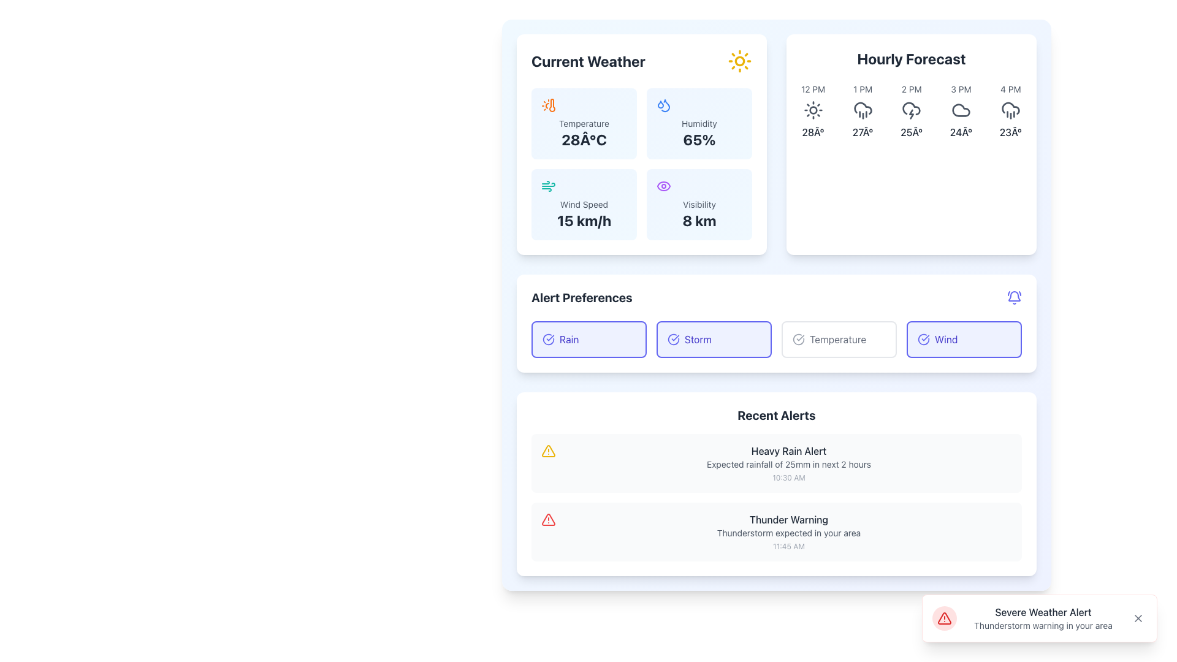 Image resolution: width=1177 pixels, height=662 pixels. I want to click on the static text display showing the temperature '28Â°' at 12 PM in the hourly forecast section, so click(813, 132).